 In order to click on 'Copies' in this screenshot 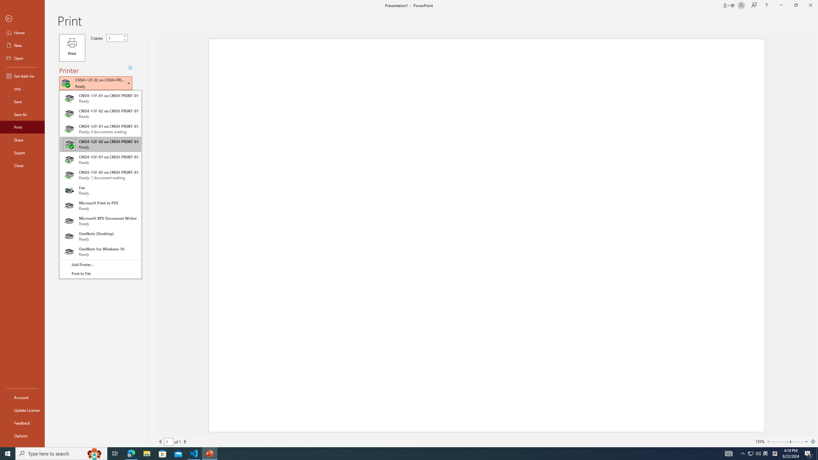, I will do `click(117, 38)`.